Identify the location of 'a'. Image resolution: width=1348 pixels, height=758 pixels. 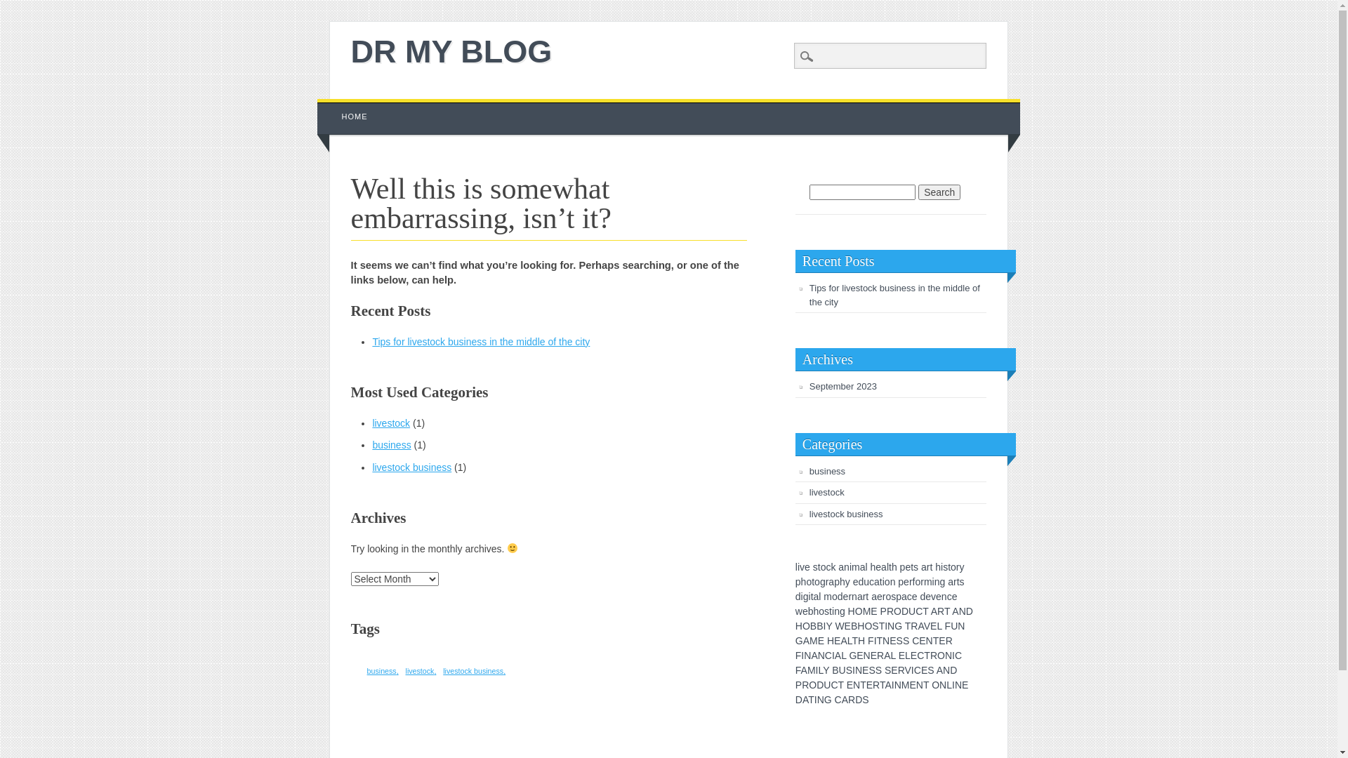
(813, 596).